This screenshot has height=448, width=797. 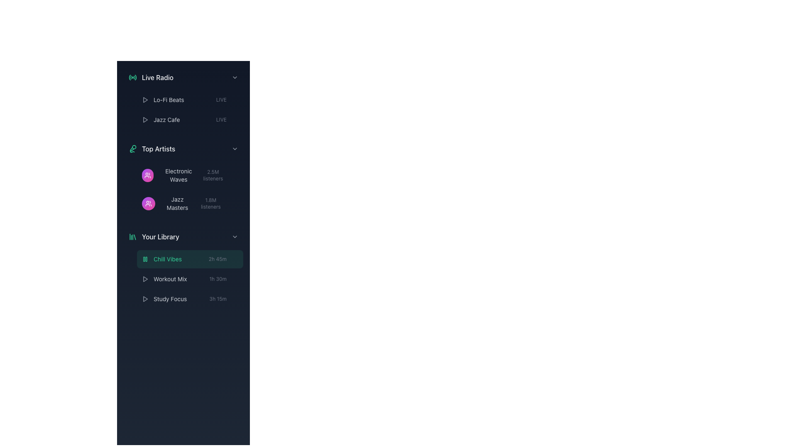 What do you see at coordinates (224, 279) in the screenshot?
I see `the 'Workout Mix' duration text label located in the 'Your Library' section of the sidebar, positioned to the right of the 'Workout Mix' title entry` at bounding box center [224, 279].